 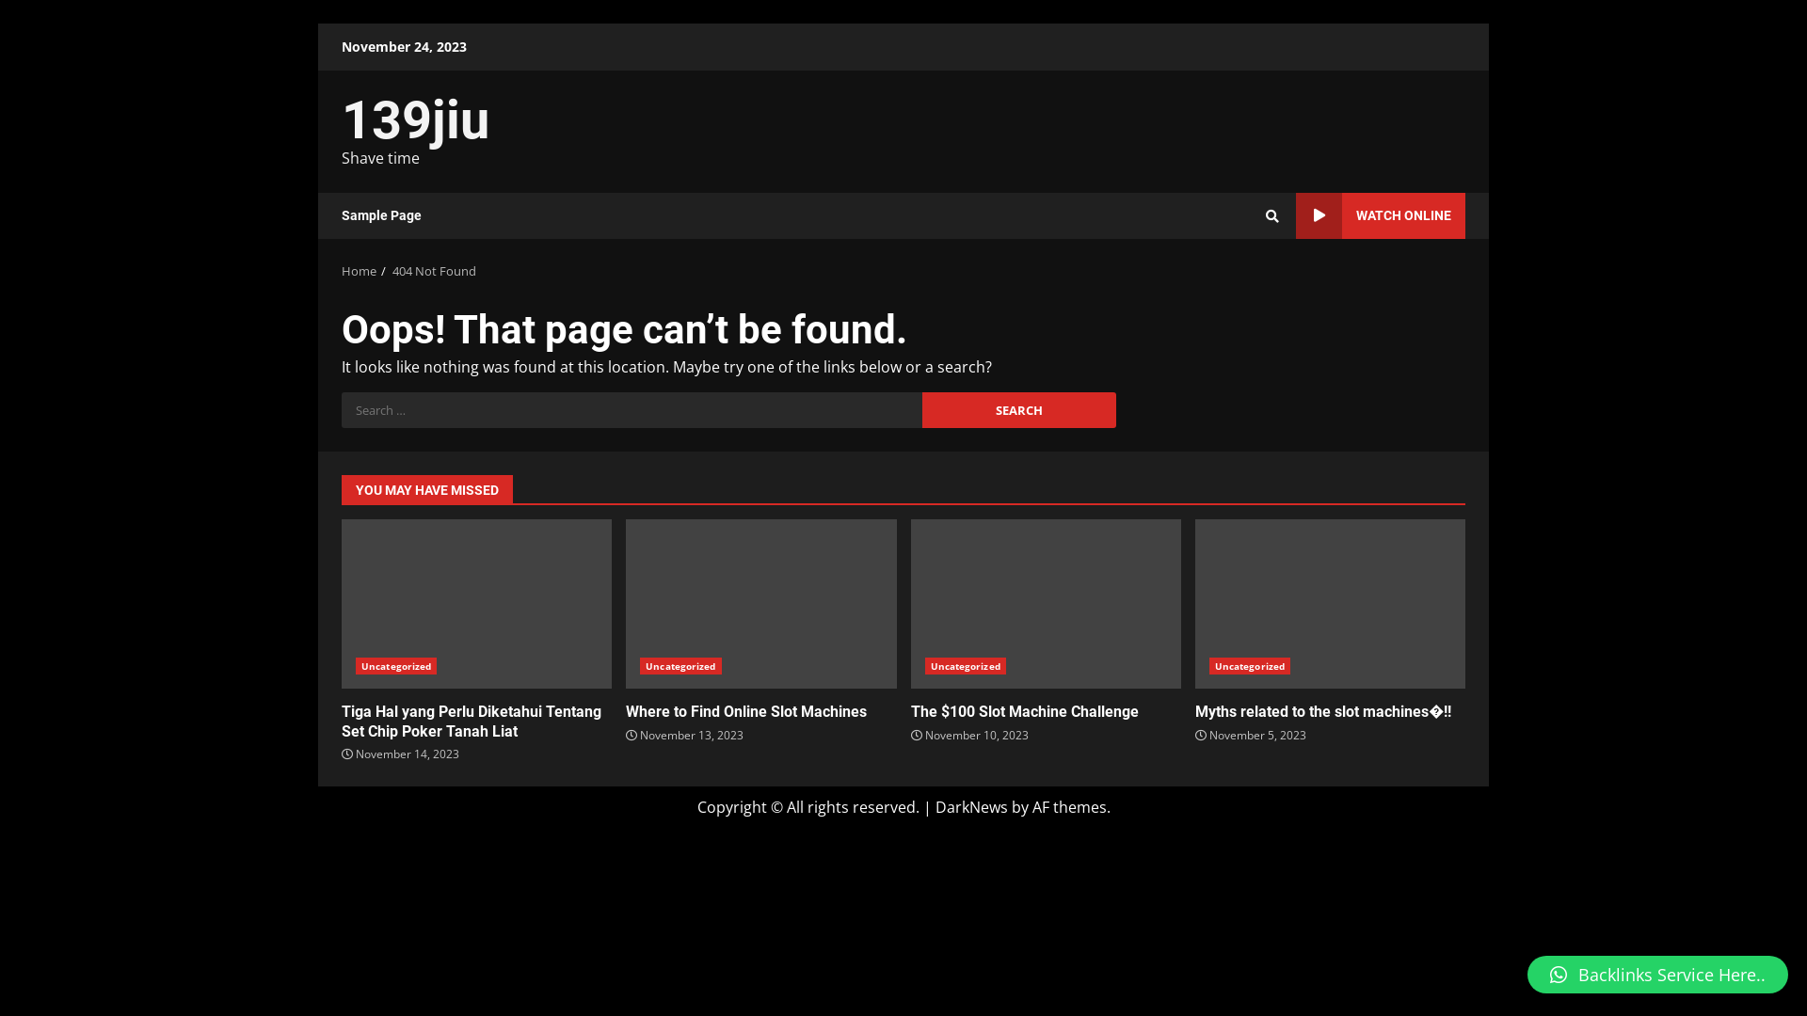 I want to click on 'Where to Find Online Slot Machines', so click(x=626, y=711).